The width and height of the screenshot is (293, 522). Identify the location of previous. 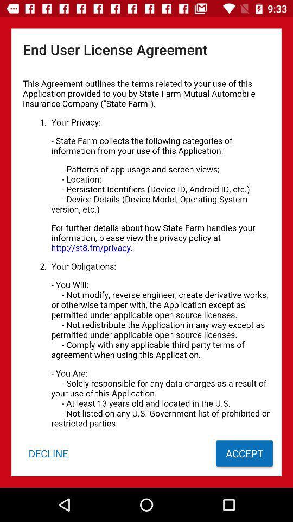
(146, 250).